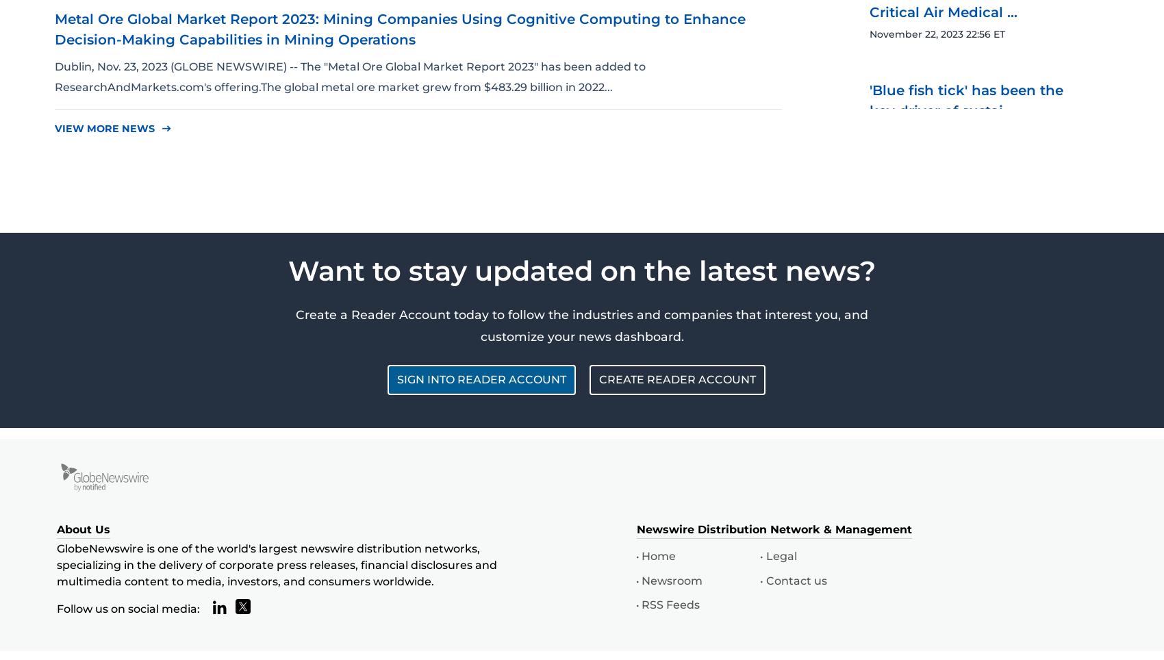  I want to click on 'Newswire Distribution Network & Management', so click(637, 529).